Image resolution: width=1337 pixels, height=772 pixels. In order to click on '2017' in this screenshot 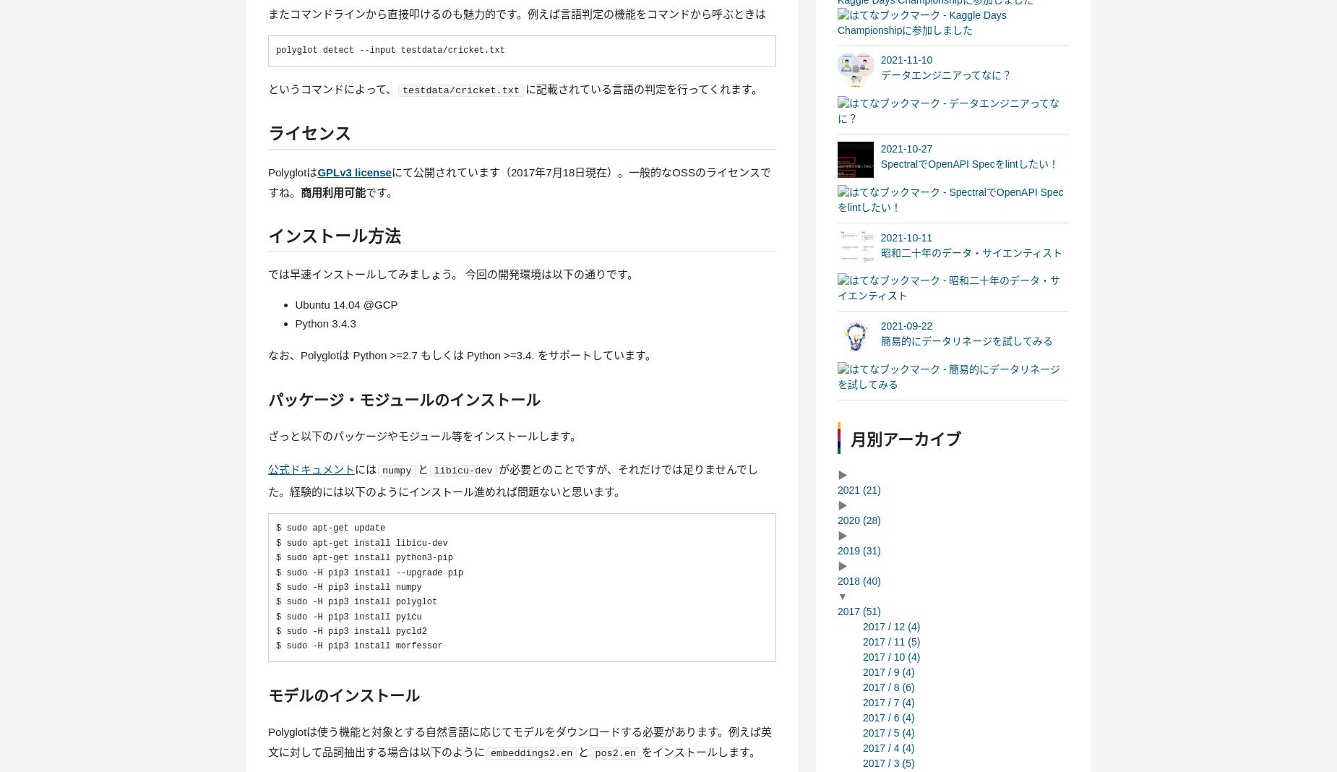, I will do `click(849, 610)`.